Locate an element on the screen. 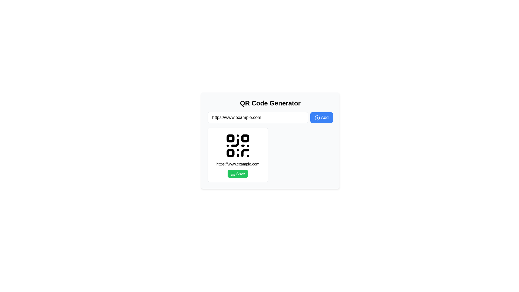  the 'Add' button with a blue background and white text, located on the right side of the text input field in the 'QR Code Generator' section is located at coordinates (321, 117).